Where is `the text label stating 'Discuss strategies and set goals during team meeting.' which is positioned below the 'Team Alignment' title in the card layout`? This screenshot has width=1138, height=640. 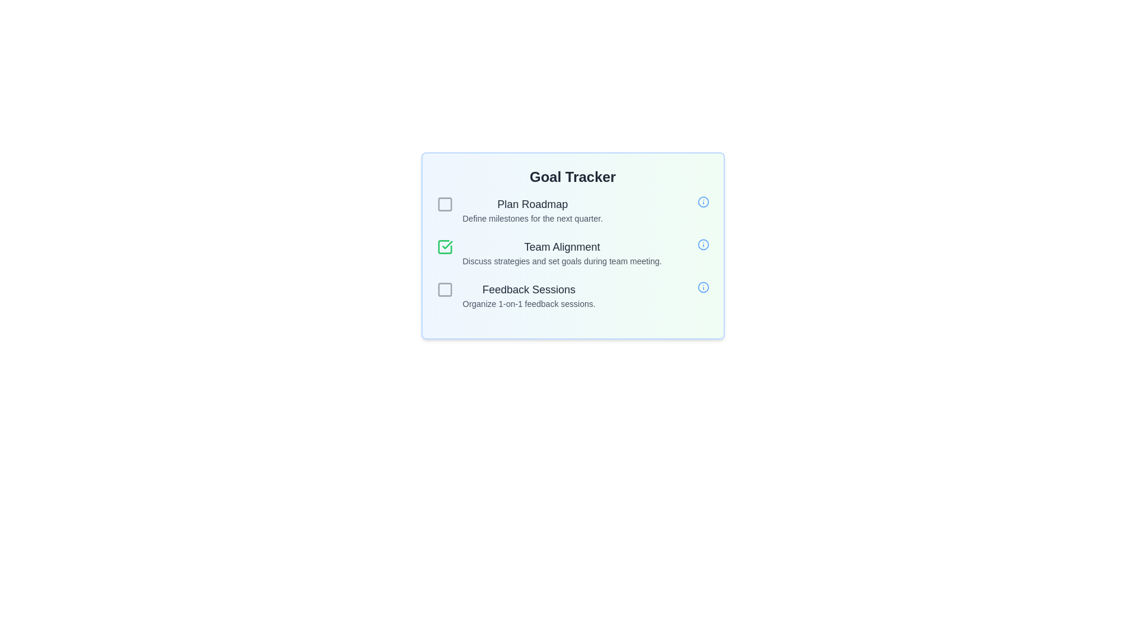
the text label stating 'Discuss strategies and set goals during team meeting.' which is positioned below the 'Team Alignment' title in the card layout is located at coordinates (561, 260).